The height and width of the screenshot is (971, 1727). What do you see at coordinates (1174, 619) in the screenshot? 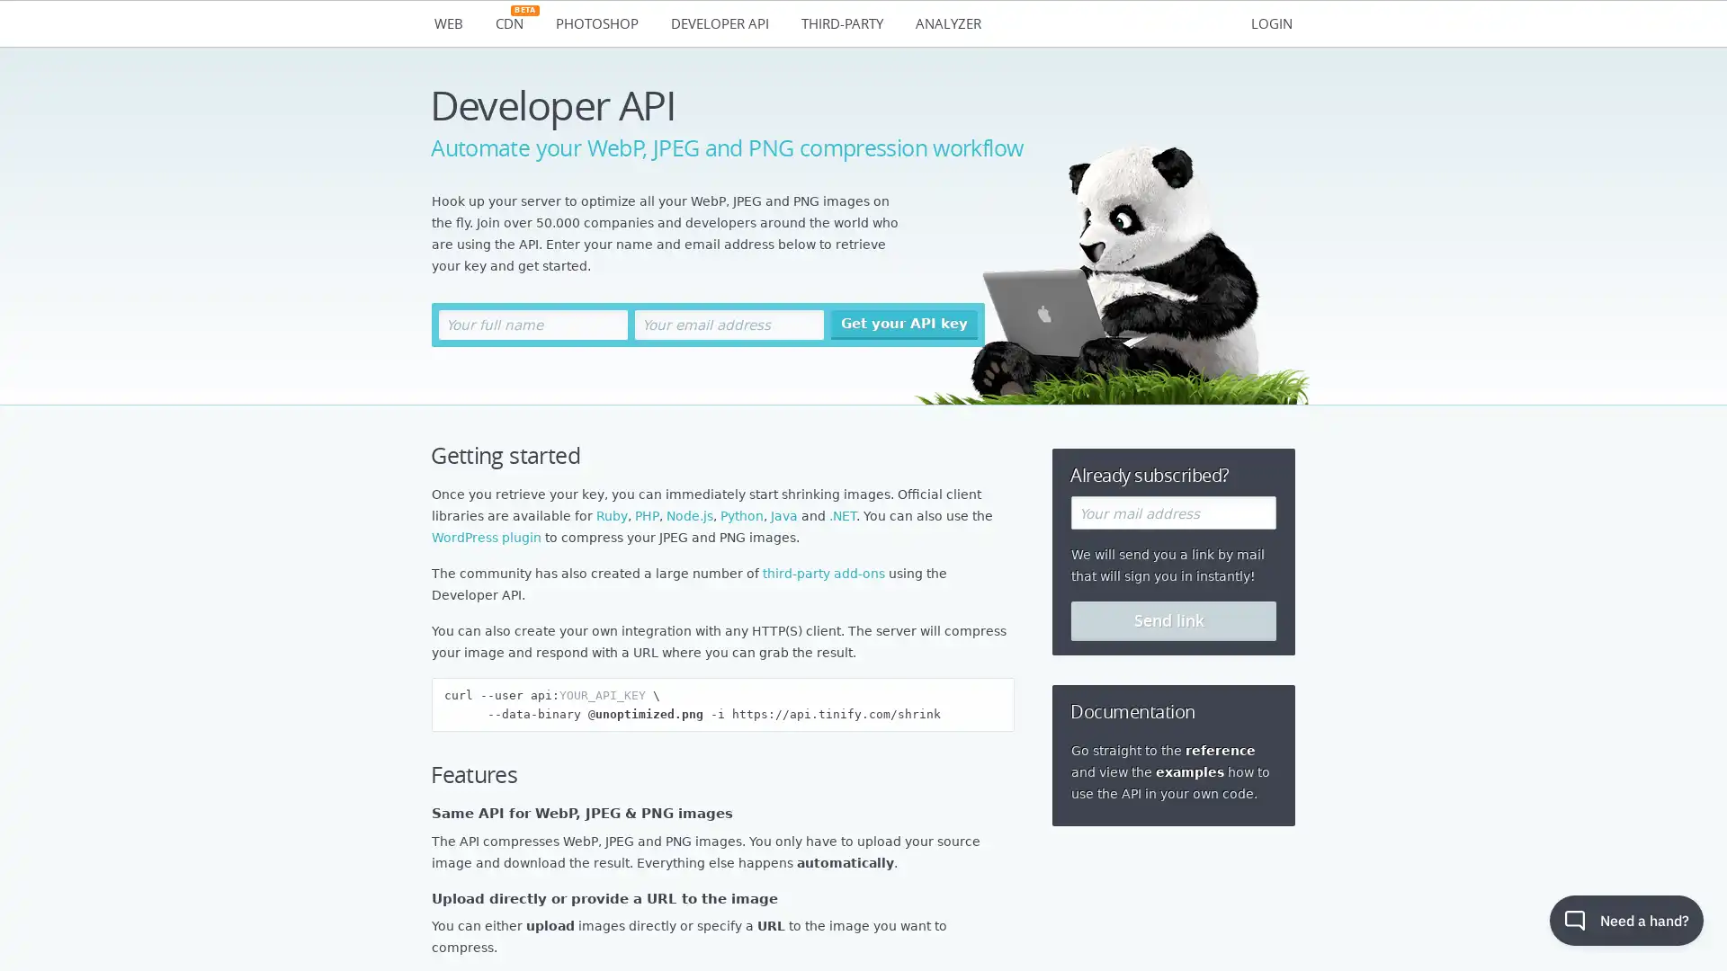
I see `Send link` at bounding box center [1174, 619].